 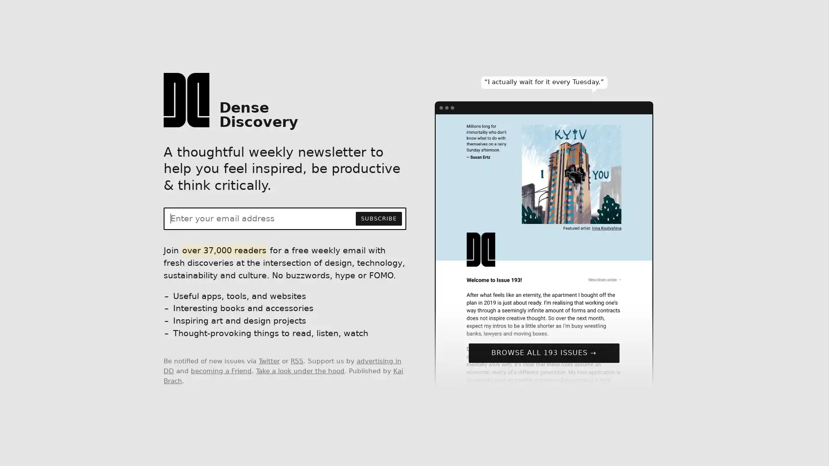 What do you see at coordinates (379, 217) in the screenshot?
I see `SUBSCRIBE` at bounding box center [379, 217].